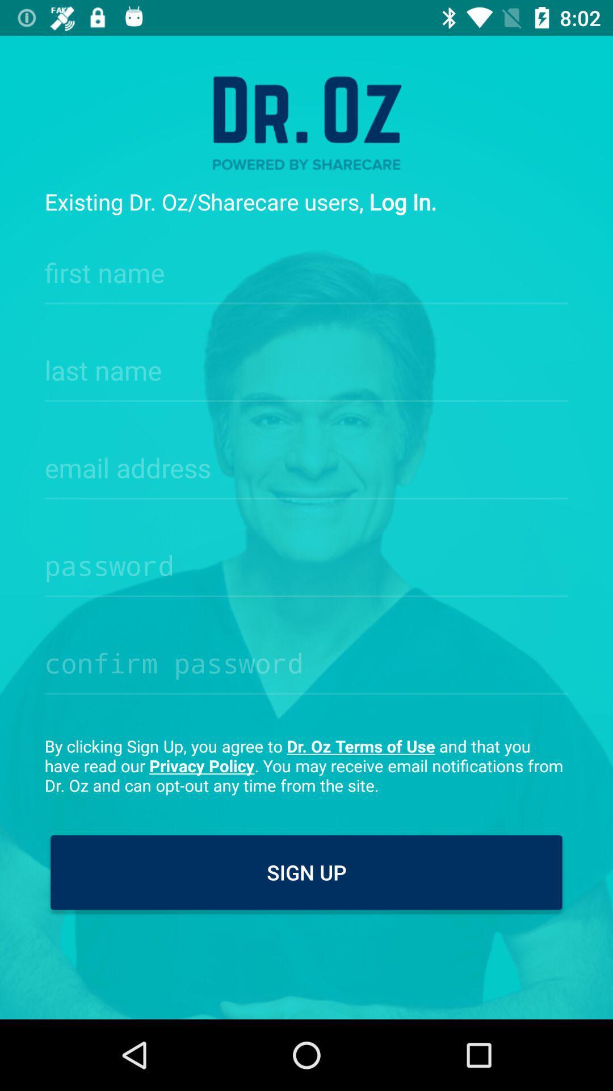  I want to click on the item above sign up, so click(306, 765).